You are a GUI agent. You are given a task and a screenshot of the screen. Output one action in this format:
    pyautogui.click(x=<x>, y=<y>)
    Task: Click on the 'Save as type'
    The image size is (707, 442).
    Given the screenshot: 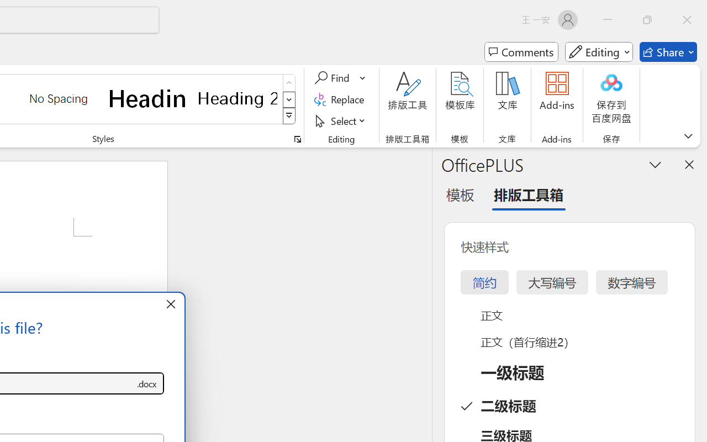 What is the action you would take?
    pyautogui.click(x=146, y=383)
    